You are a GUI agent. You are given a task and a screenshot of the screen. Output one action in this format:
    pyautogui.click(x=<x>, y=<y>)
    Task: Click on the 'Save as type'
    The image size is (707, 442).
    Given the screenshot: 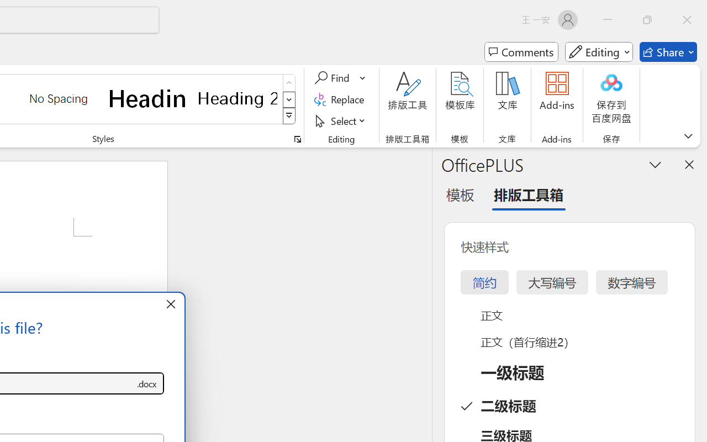 What is the action you would take?
    pyautogui.click(x=146, y=383)
    